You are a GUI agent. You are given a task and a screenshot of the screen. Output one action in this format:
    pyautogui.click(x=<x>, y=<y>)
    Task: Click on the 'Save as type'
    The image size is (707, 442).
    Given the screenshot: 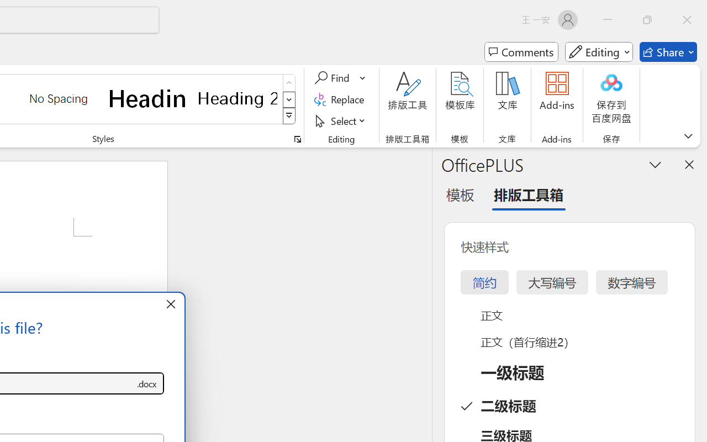 What is the action you would take?
    pyautogui.click(x=146, y=383)
    